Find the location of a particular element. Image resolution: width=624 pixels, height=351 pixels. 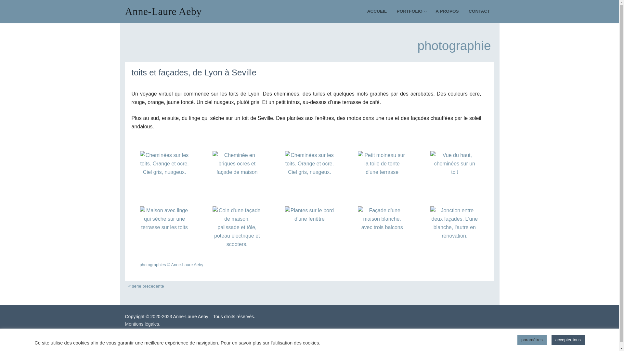

'Privacy Policy' is located at coordinates (223, 344).